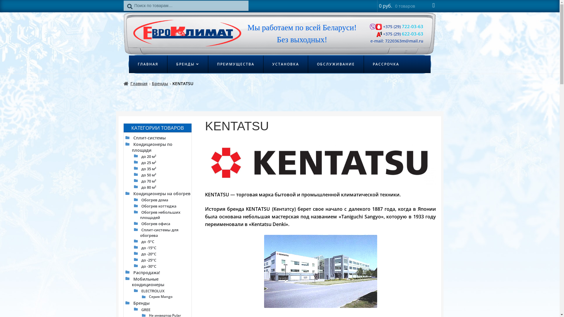  I want to click on 'e-mail: 7220363m@mail.ru', so click(397, 41).